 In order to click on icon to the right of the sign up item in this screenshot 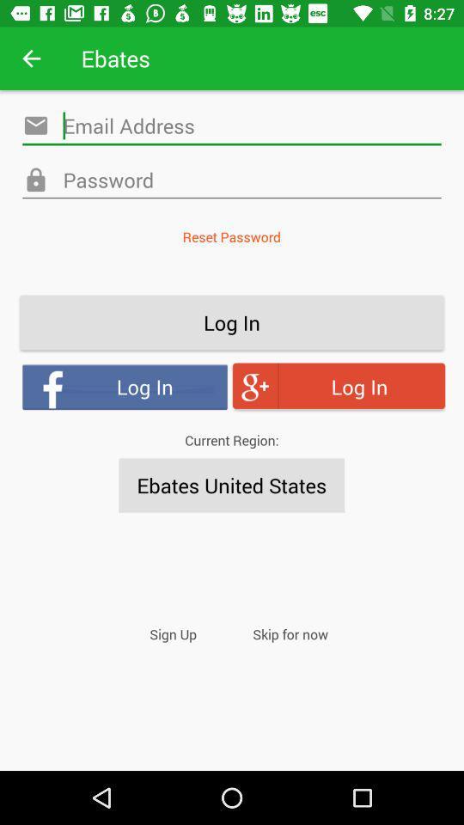, I will do `click(290, 633)`.